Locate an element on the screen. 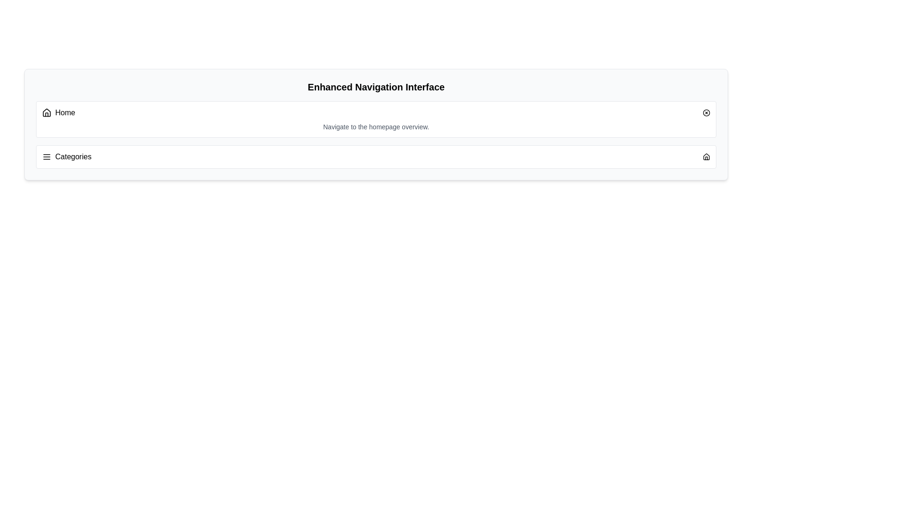 The image size is (899, 506). the 'Categories' button located directly below the 'Home' panel is located at coordinates (376, 156).